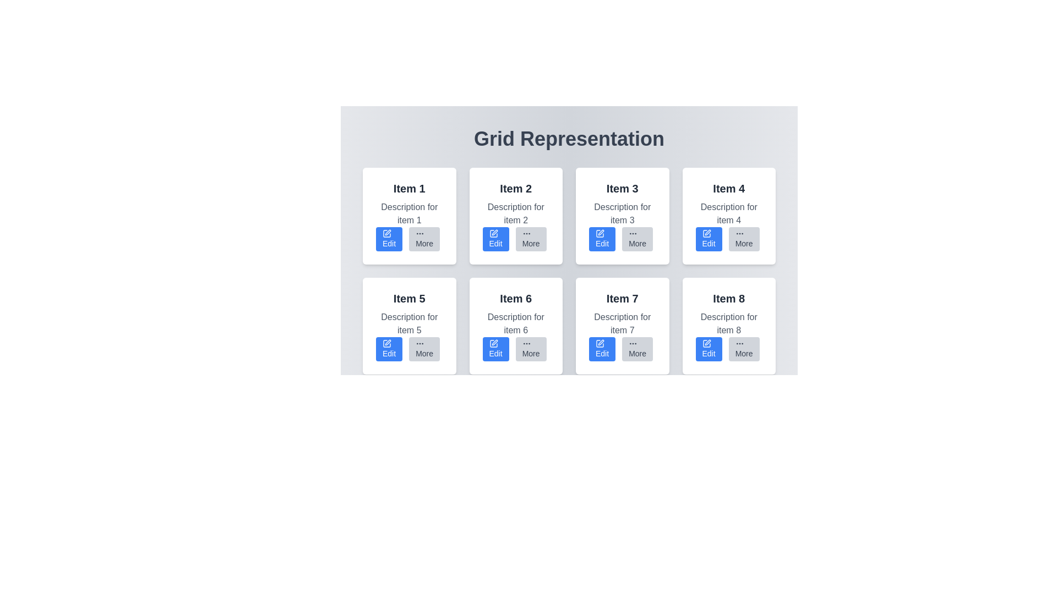 This screenshot has width=1057, height=594. What do you see at coordinates (531, 239) in the screenshot?
I see `the button located at the bottom-right corner of the second grid item in the first row to potentially see a tooltip effect` at bounding box center [531, 239].